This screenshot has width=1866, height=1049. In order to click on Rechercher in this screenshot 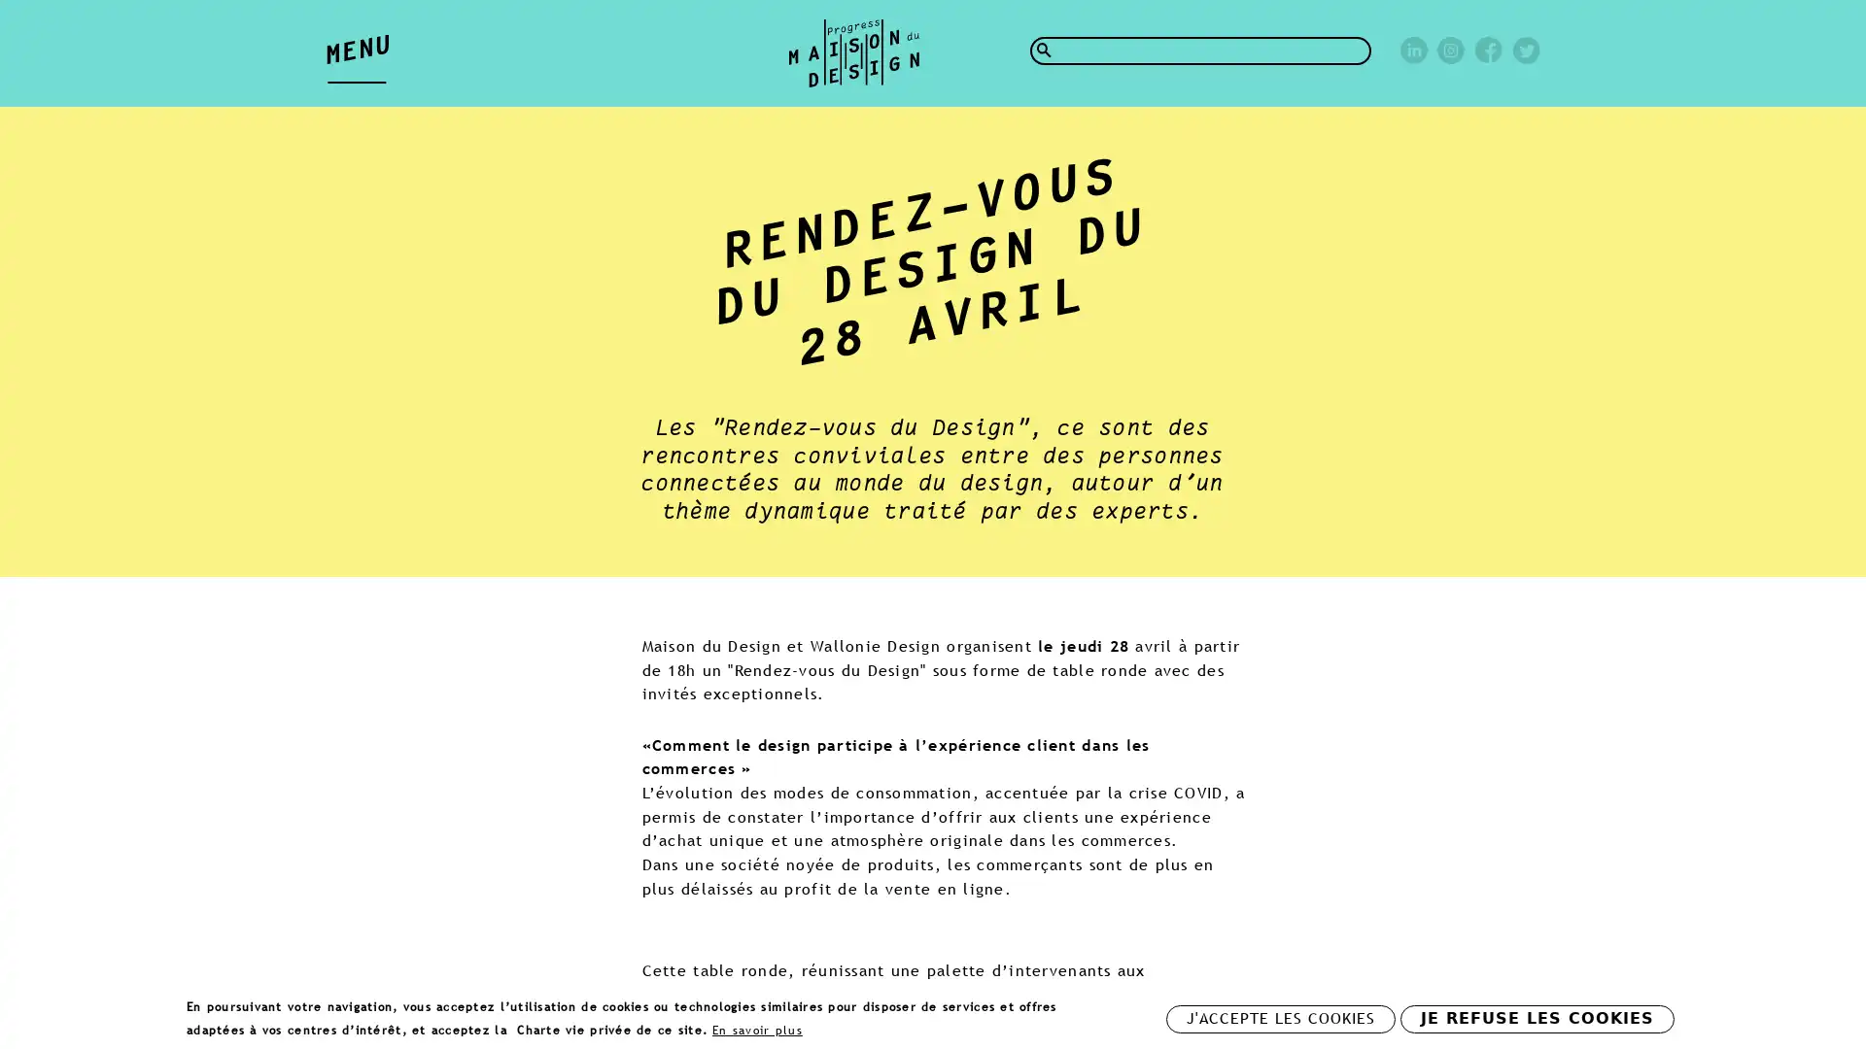, I will do `click(1358, 51)`.